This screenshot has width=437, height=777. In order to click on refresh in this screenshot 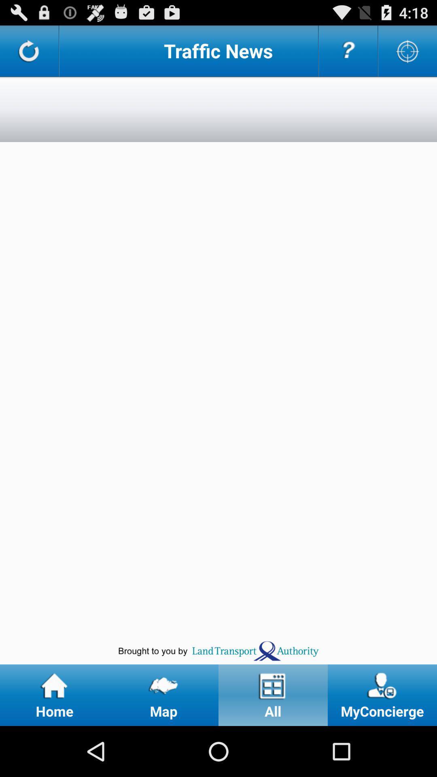, I will do `click(29, 50)`.